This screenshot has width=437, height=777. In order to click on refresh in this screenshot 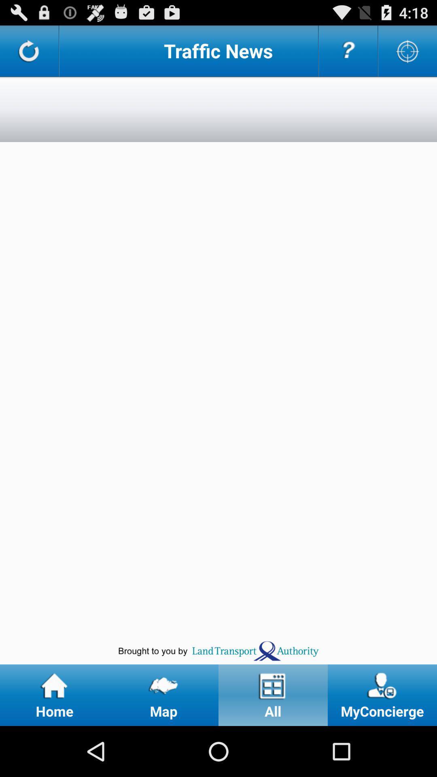, I will do `click(29, 50)`.